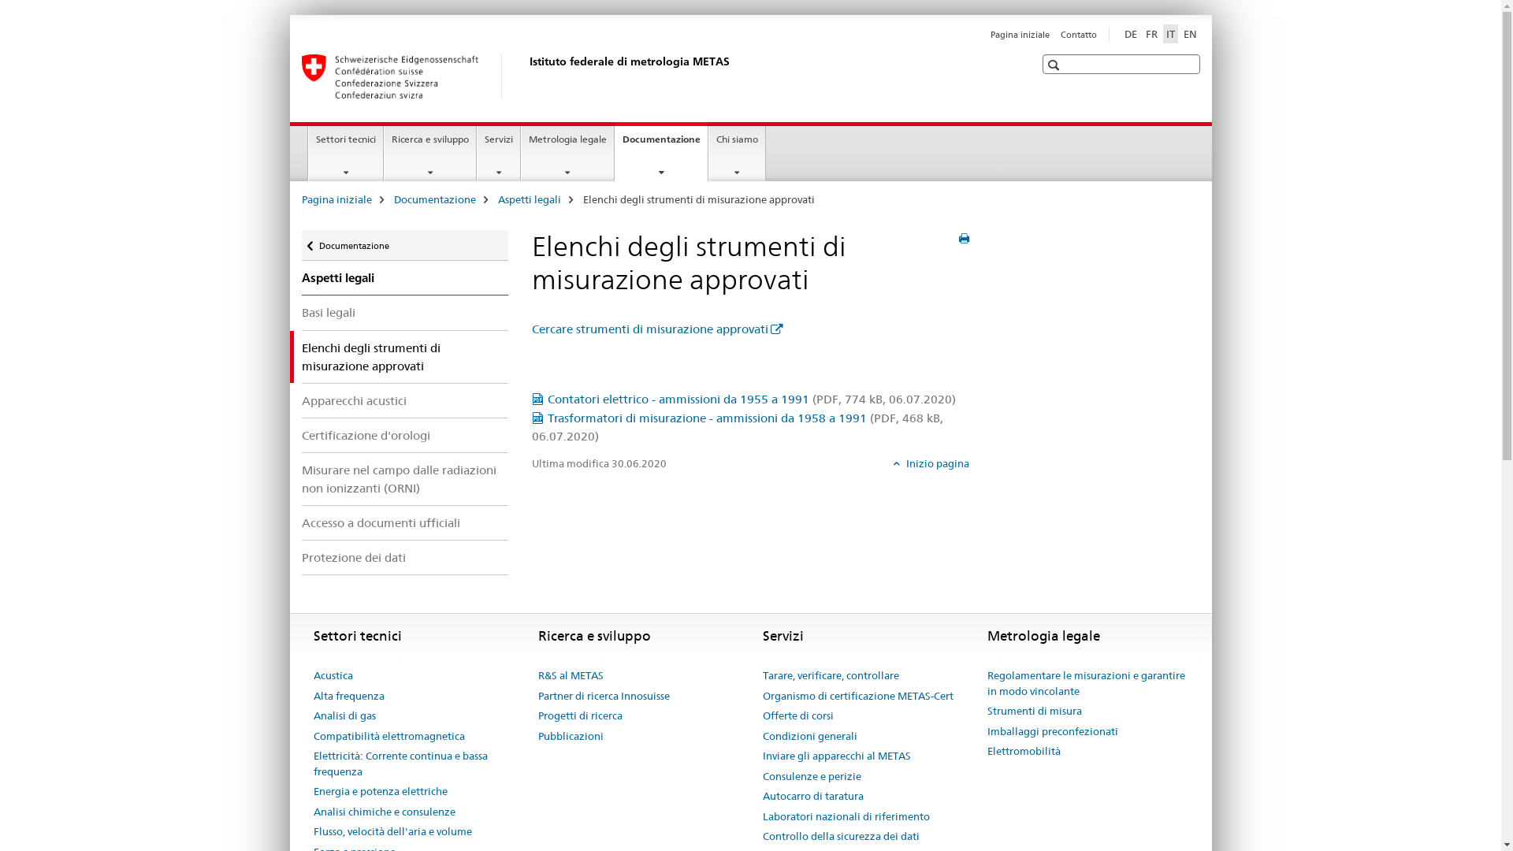 The height and width of the screenshot is (851, 1513). Describe the element at coordinates (797, 716) in the screenshot. I see `'Offerte di corsi'` at that location.